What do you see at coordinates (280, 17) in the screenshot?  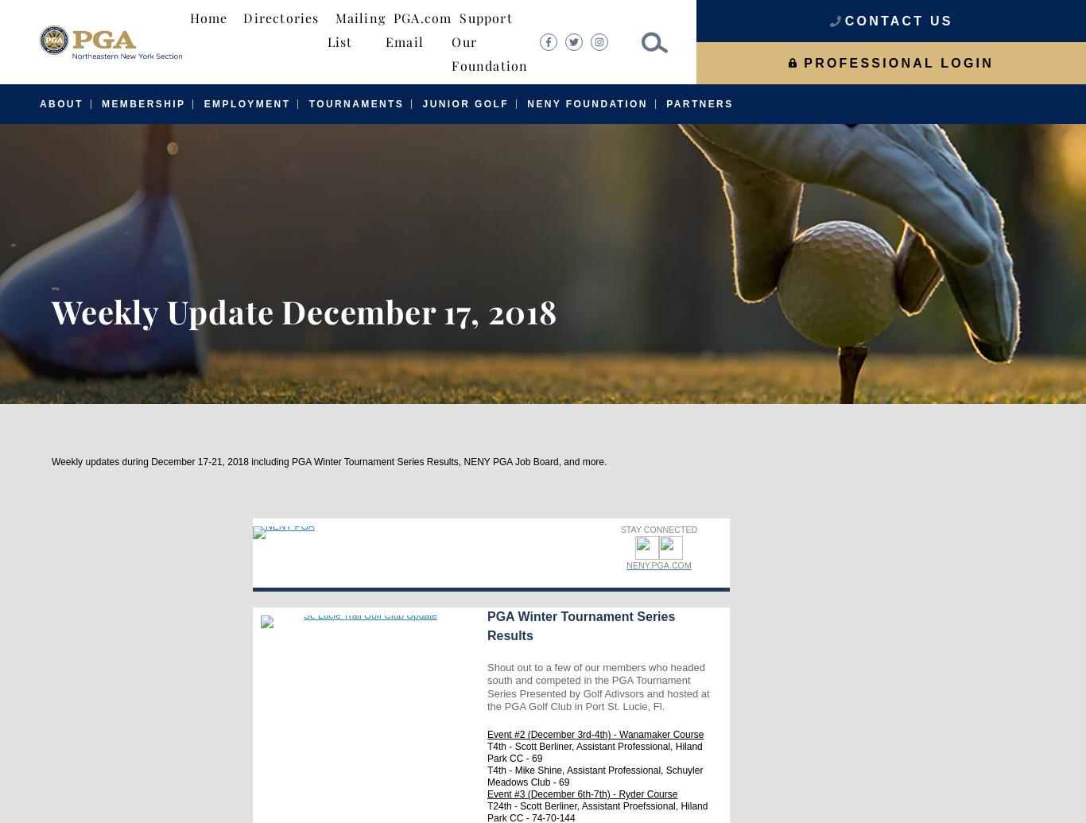 I see `'Directories'` at bounding box center [280, 17].